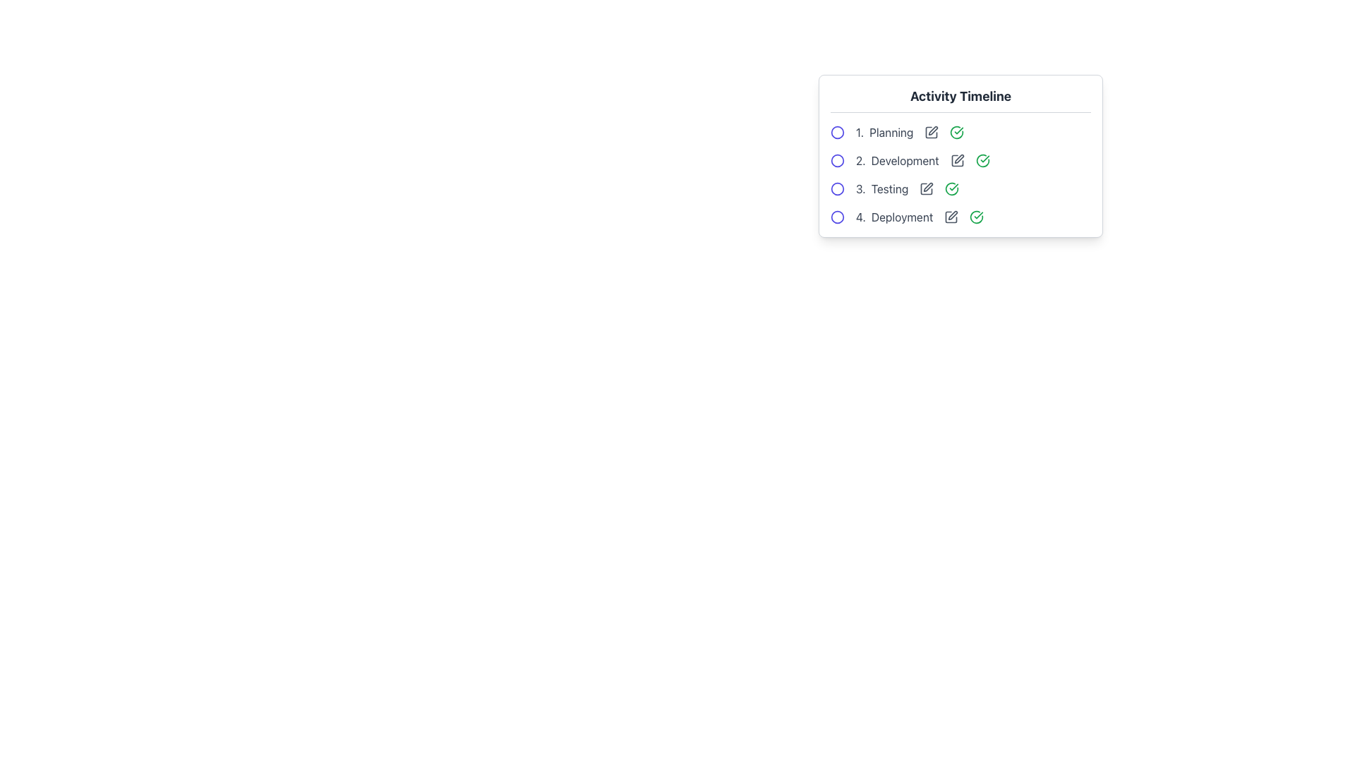 The width and height of the screenshot is (1355, 762). What do you see at coordinates (976, 217) in the screenshot?
I see `the circular icon representing the status of the 'Development' activity, located to the right of the '2. Development' list item in the 'Activity Timeline' section` at bounding box center [976, 217].